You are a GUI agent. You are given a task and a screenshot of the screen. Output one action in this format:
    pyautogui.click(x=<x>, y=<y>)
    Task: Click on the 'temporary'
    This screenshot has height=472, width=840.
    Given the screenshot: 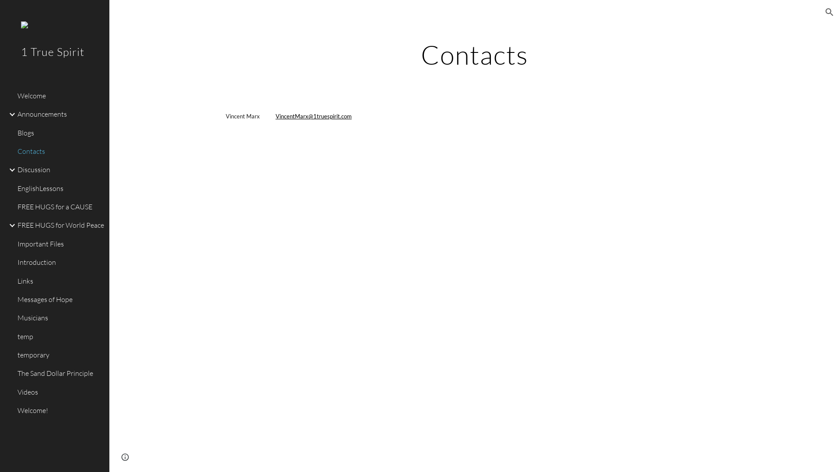 What is the action you would take?
    pyautogui.click(x=59, y=355)
    